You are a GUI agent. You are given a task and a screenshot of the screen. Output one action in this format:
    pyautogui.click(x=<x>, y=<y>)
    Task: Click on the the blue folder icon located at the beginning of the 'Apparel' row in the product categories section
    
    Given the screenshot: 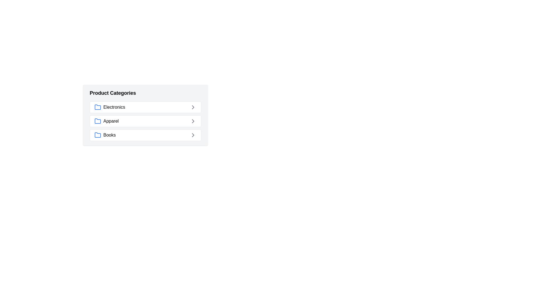 What is the action you would take?
    pyautogui.click(x=98, y=121)
    